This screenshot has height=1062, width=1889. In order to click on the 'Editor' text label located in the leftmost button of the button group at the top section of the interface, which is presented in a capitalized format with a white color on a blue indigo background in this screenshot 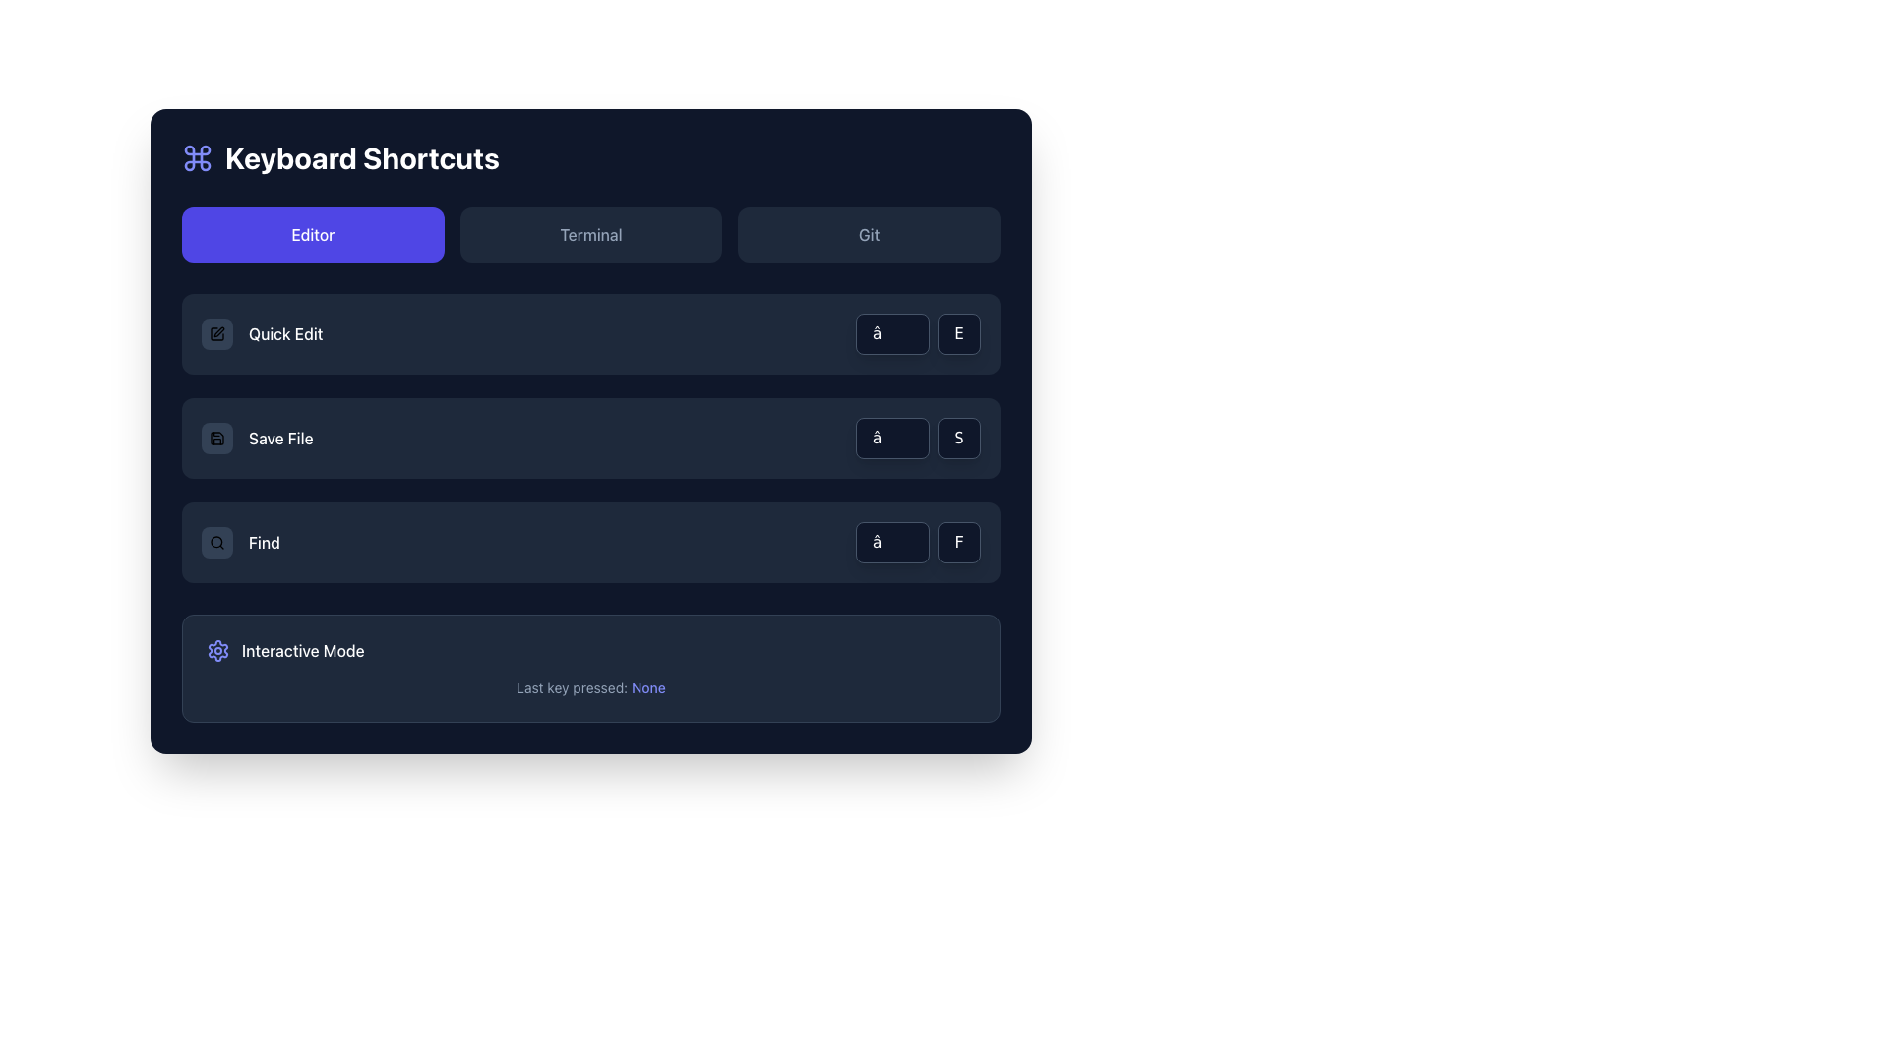, I will do `click(312, 234)`.